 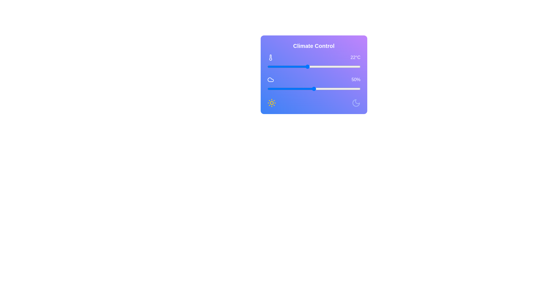 What do you see at coordinates (270, 58) in the screenshot?
I see `the thermometer icon located at the top-left corner of the climate control panel, which is outlined in a contrasting color and has a '22°C' label to its right` at bounding box center [270, 58].